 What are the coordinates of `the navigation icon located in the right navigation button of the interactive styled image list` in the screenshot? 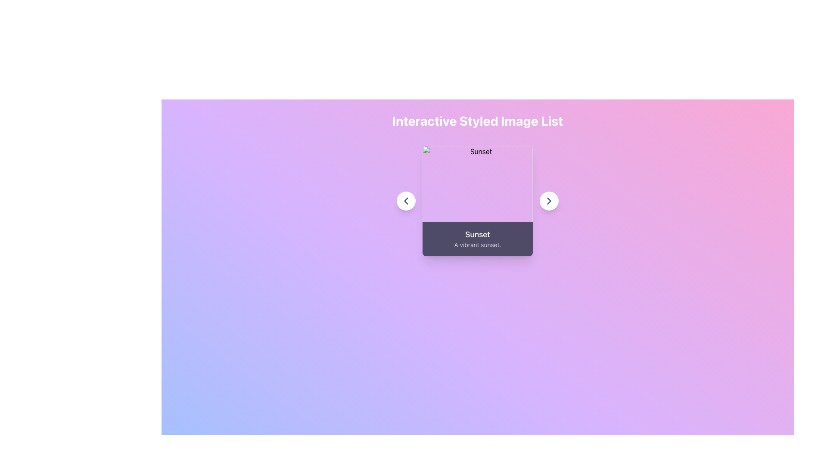 It's located at (549, 201).